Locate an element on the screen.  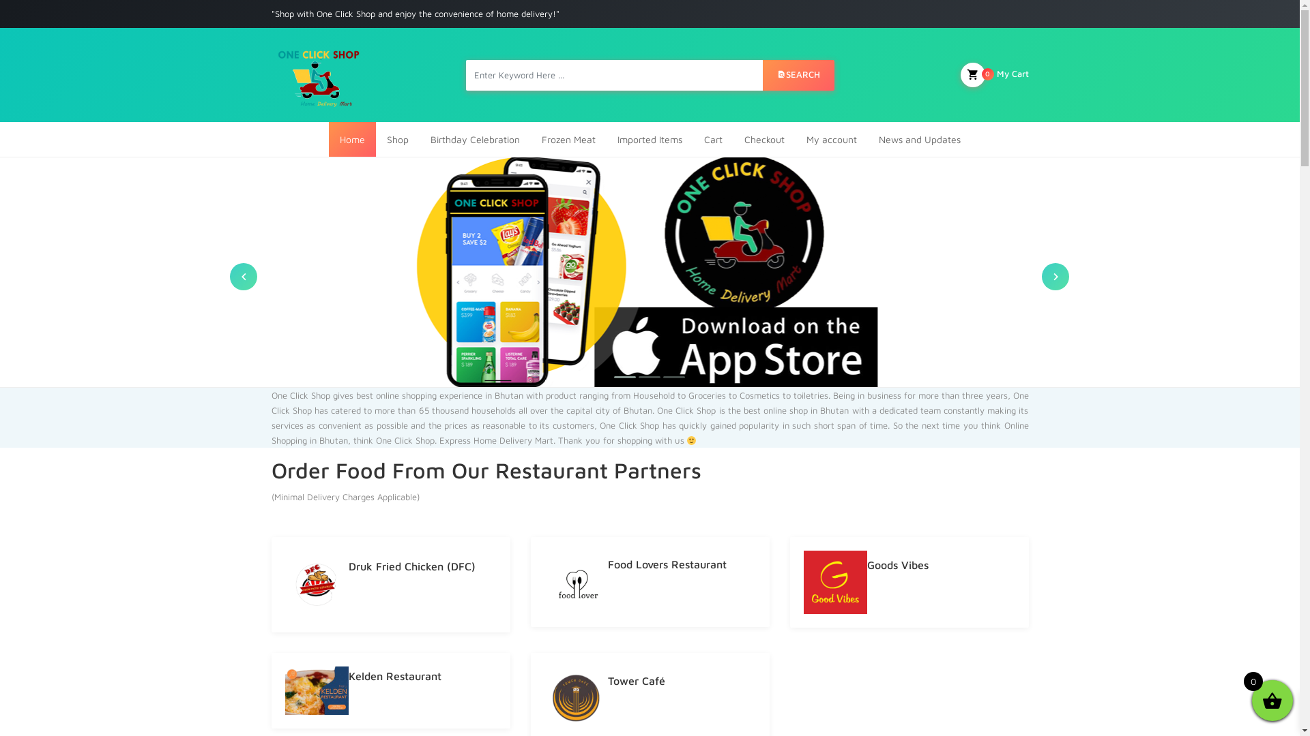
'Checkout' is located at coordinates (763, 139).